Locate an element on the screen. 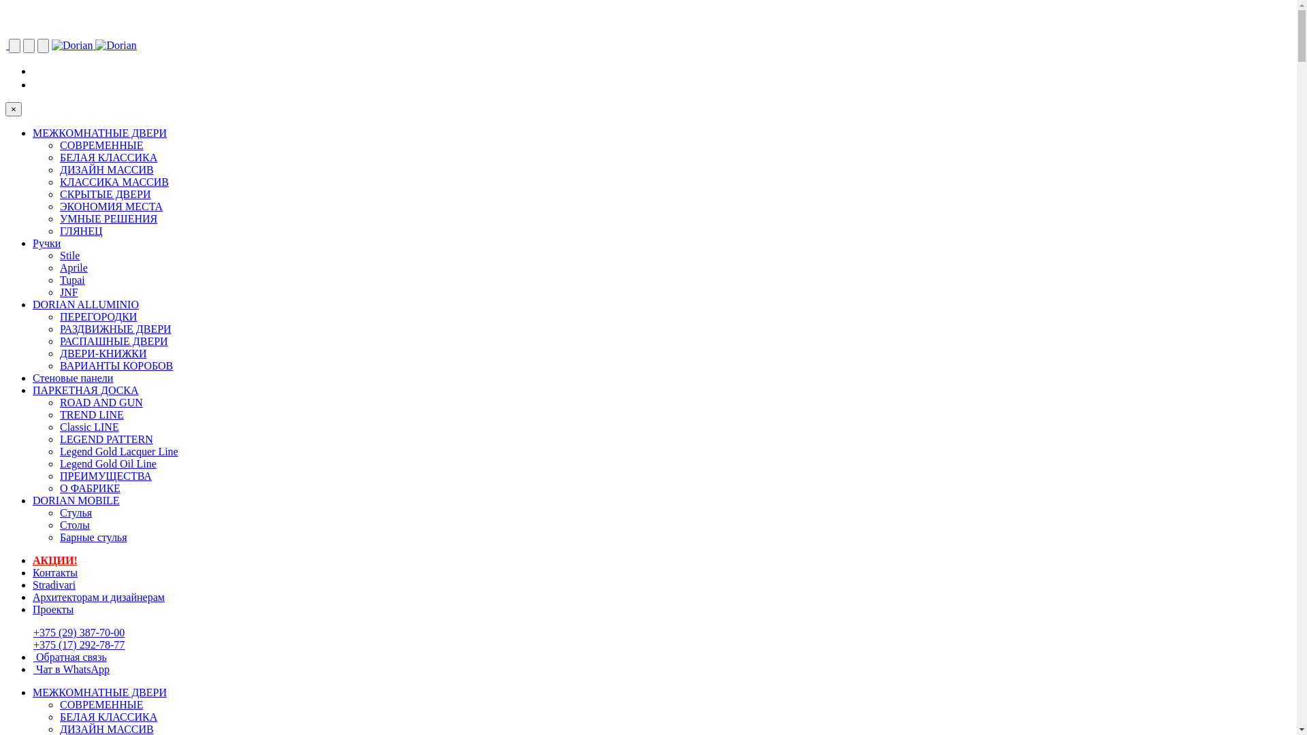  'Stradivari' is located at coordinates (54, 584).